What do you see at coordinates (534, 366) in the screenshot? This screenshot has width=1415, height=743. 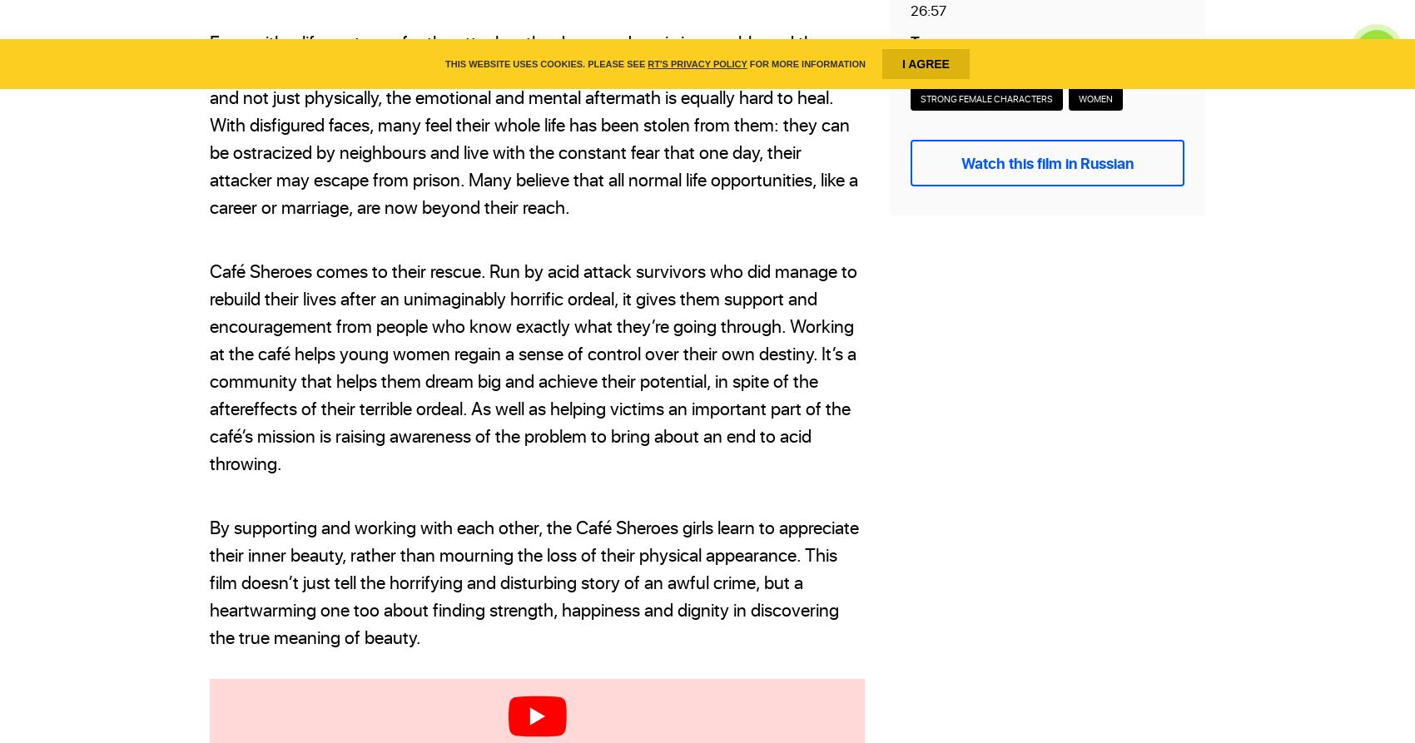 I see `'Café Sheroes comes to their rescue. Run by acid attack survivors who did manage to rebuild their lives after an unimaginably horrific ordeal, it gives them support and encouragement from people who know exactly what they’re going through. Working at the café helps young women regain a sense of control over their own destiny. It’s a community that helps them dream big and achieve their potential, in spite of the aftereffects of their terrible ordeal. As well as helping victims an important part of the café’s mission is raising awareness of the problem to bring about an end to acid throwing.'` at bounding box center [534, 366].